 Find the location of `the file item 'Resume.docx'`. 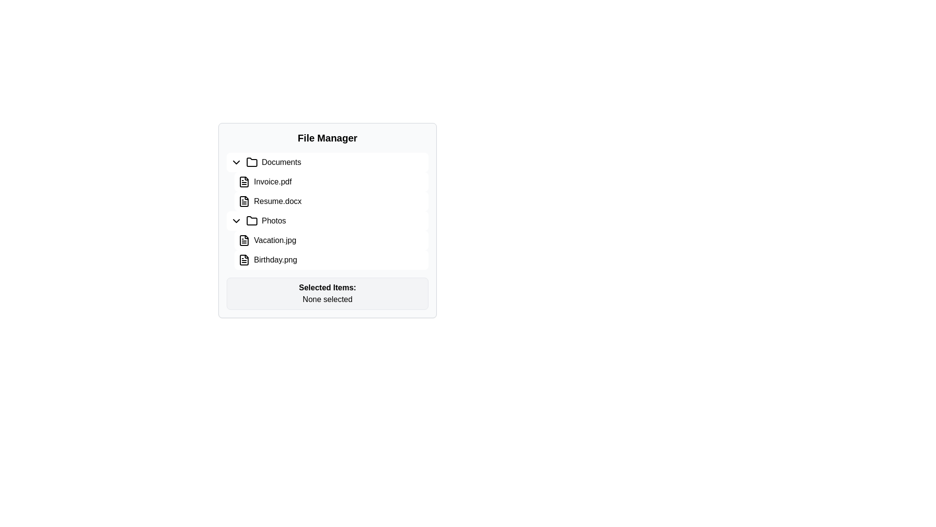

the file item 'Resume.docx' is located at coordinates (331, 201).